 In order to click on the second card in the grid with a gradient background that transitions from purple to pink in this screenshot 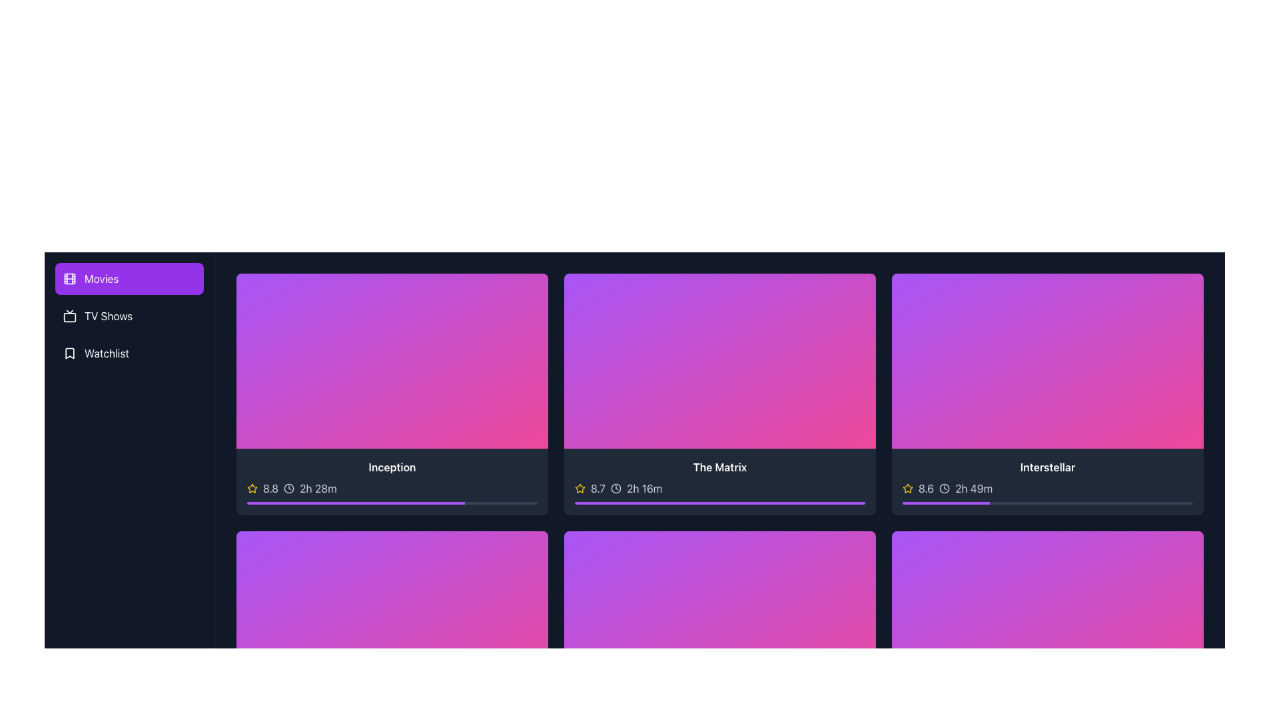, I will do `click(719, 393)`.